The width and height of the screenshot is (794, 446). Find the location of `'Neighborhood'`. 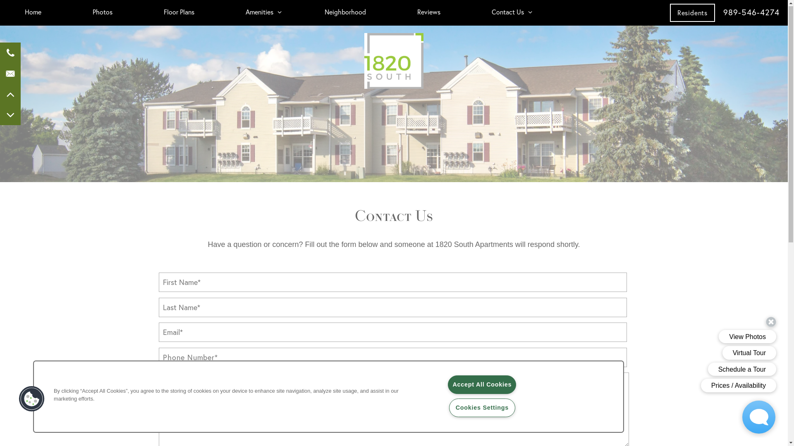

'Neighborhood' is located at coordinates (345, 12).